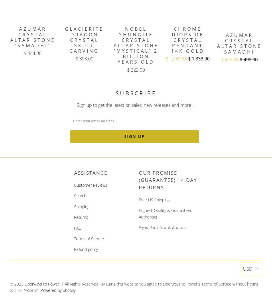 This screenshot has width=272, height=303. I want to click on 'FAQ', so click(77, 227).